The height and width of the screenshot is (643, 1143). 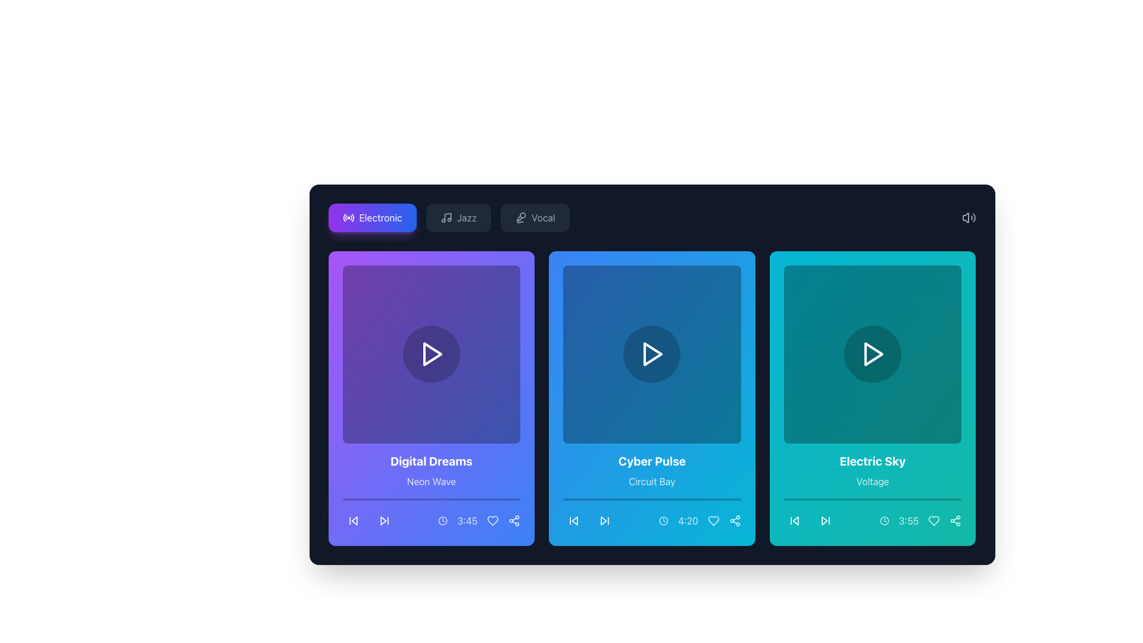 I want to click on the microphone icon located within the 'Vocal' button at the top of the interface, so click(x=520, y=218).